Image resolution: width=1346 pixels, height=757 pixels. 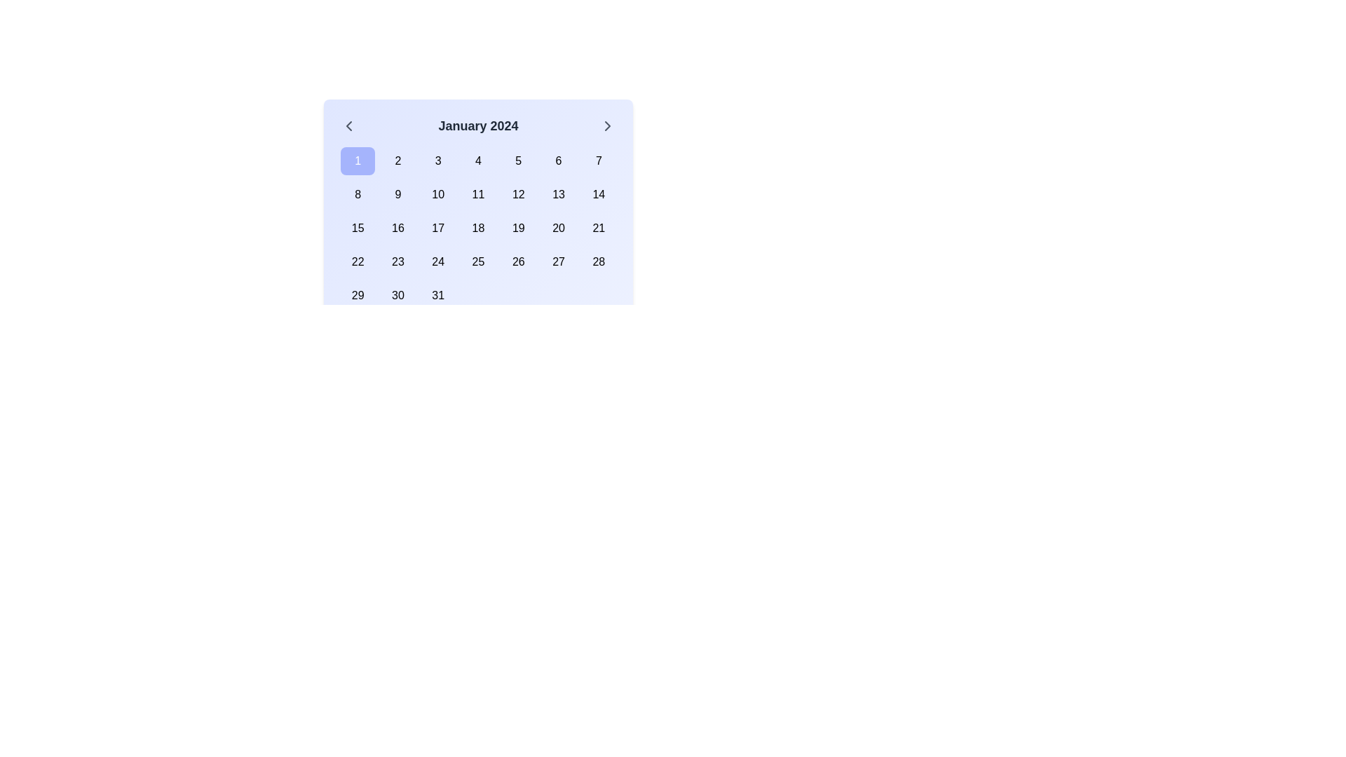 I want to click on the interactive calendar day cell representing the day '16', so click(x=397, y=228).